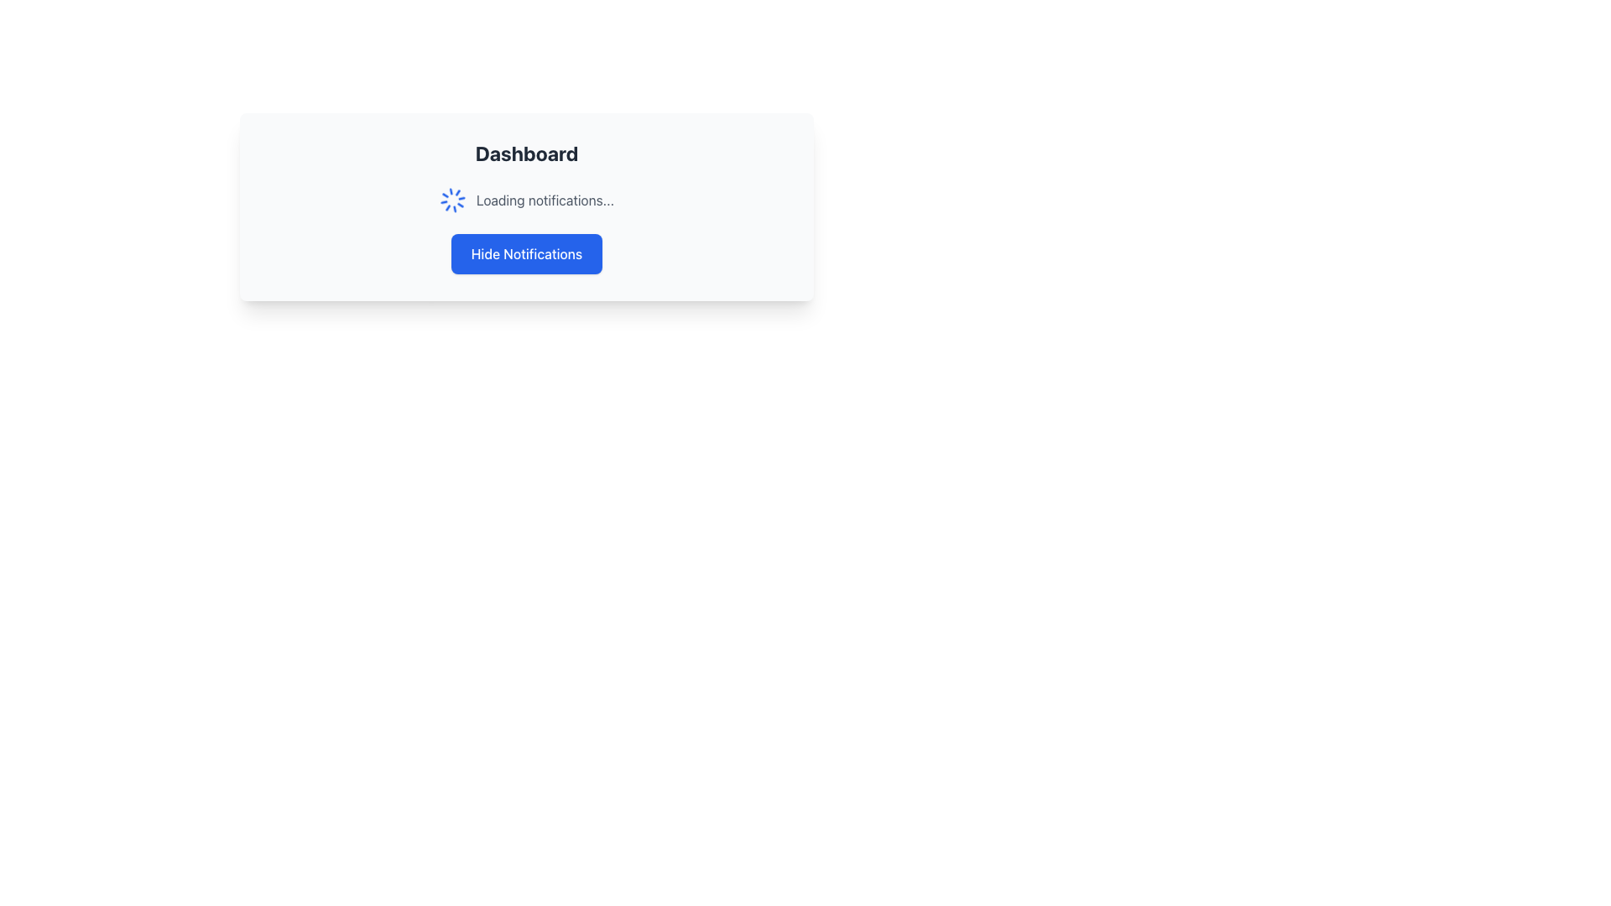 Image resolution: width=1611 pixels, height=906 pixels. I want to click on the informational text label indicating that notifications are being loaded, which is positioned above the 'Hide Notifications' button and aligned with a spinning loader, so click(545, 200).